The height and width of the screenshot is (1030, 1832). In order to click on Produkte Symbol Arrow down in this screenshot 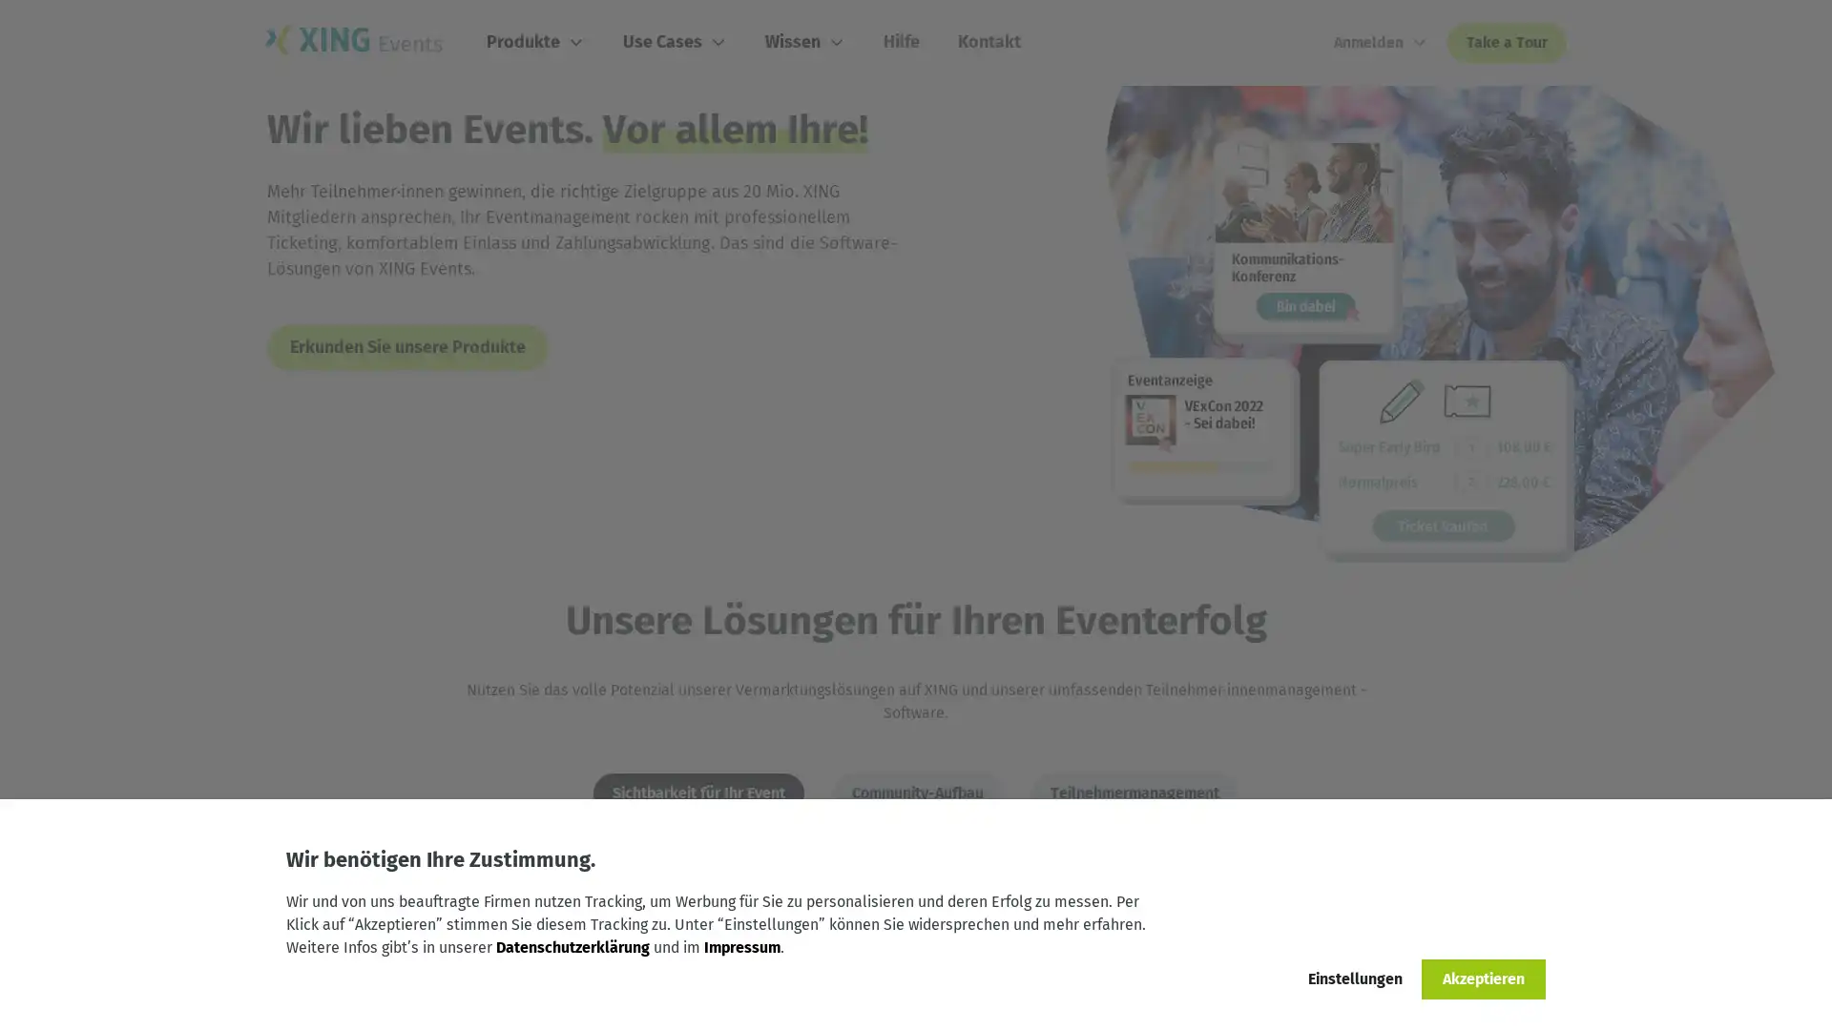, I will do `click(534, 42)`.